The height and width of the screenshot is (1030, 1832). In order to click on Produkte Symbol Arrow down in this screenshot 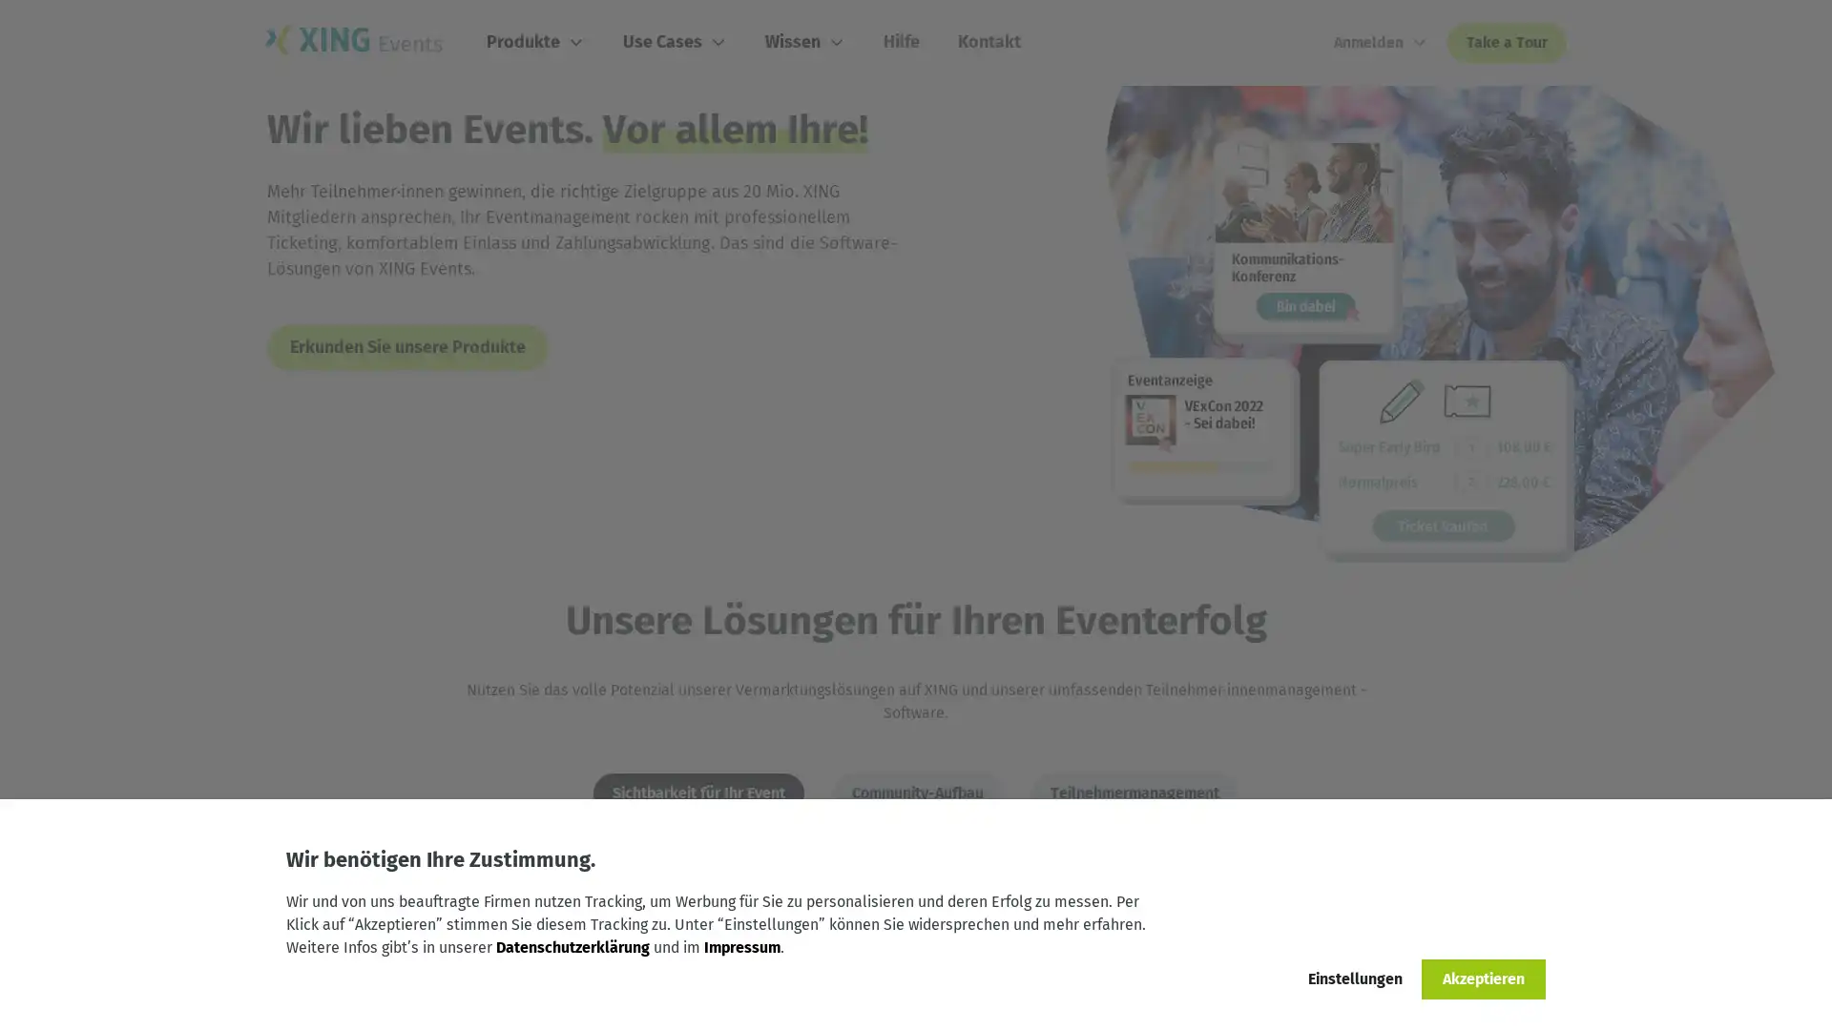, I will do `click(534, 42)`.